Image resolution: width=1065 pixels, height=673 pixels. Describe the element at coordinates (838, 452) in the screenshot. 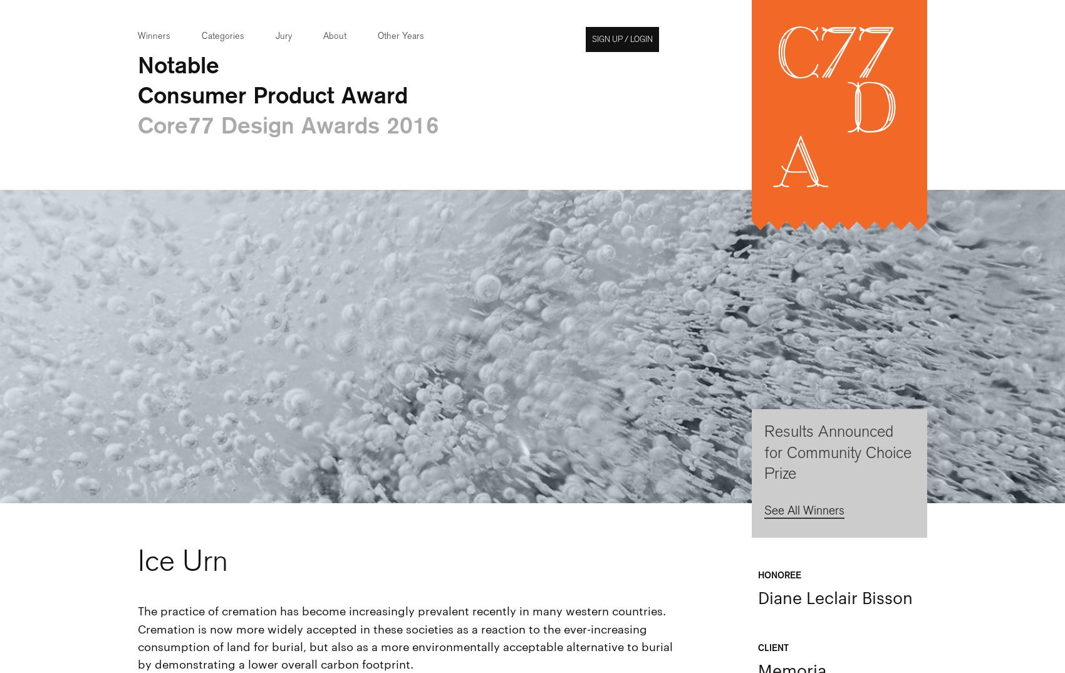

I see `'Results Announced for Community Choice Prize'` at that location.